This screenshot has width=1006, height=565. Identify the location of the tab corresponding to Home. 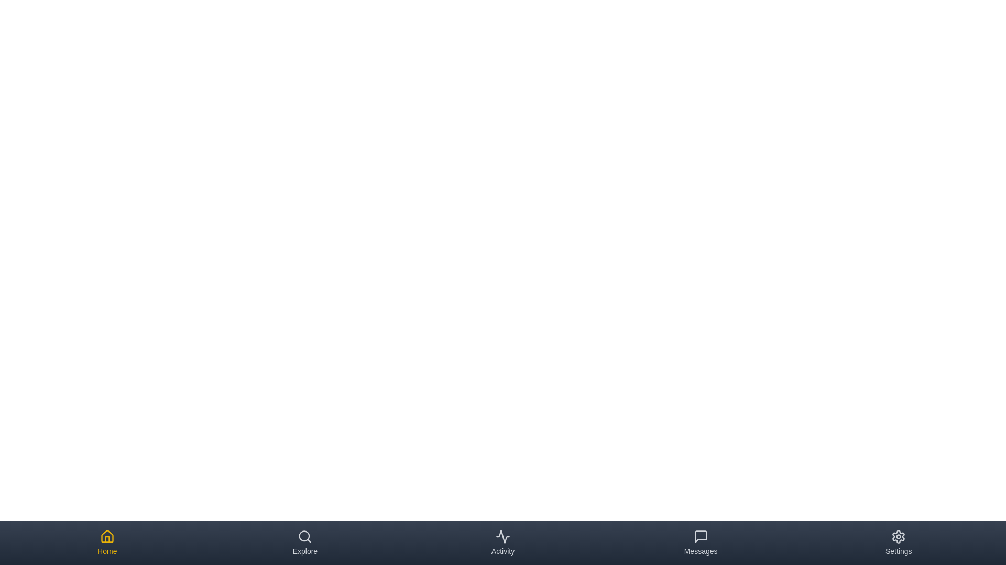
(106, 542).